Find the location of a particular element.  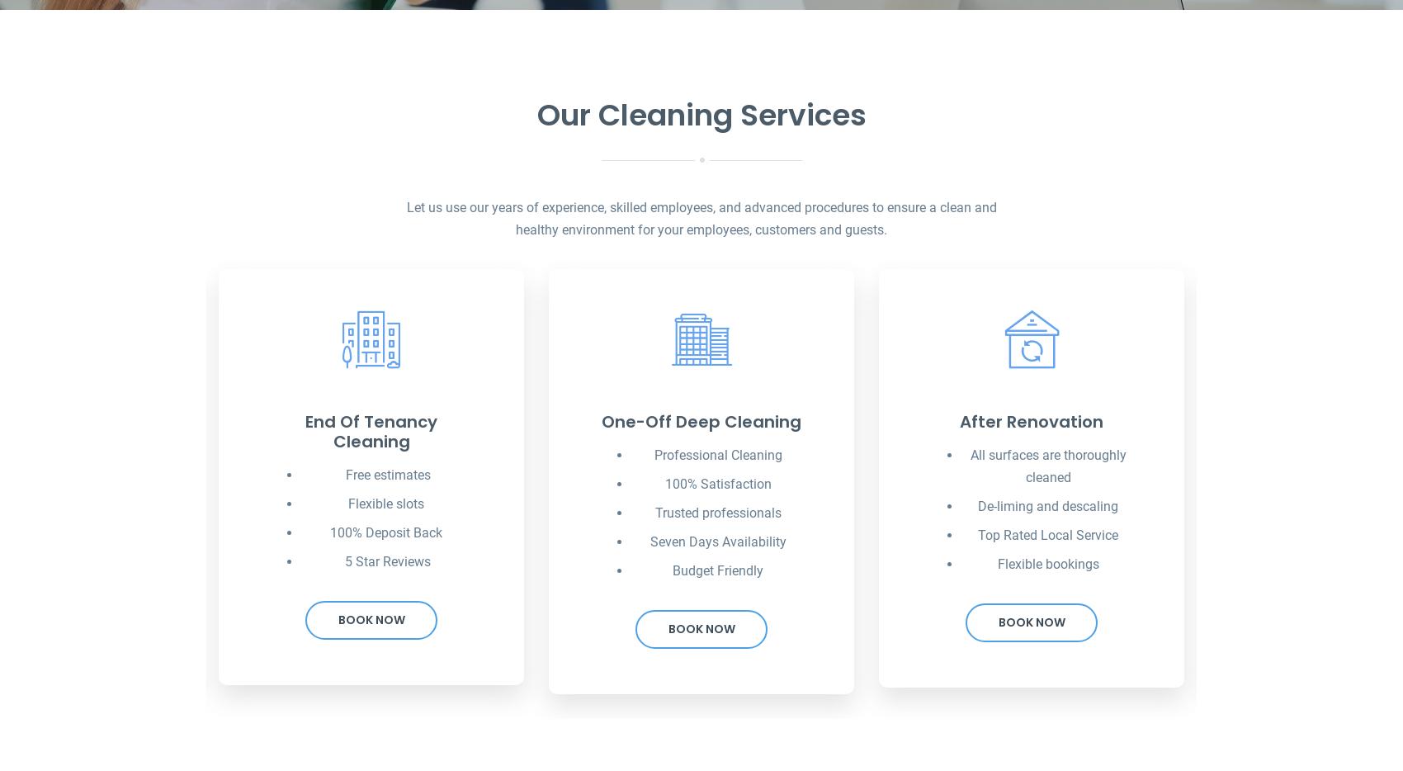

'Our Cleaning Services' is located at coordinates (700, 114).